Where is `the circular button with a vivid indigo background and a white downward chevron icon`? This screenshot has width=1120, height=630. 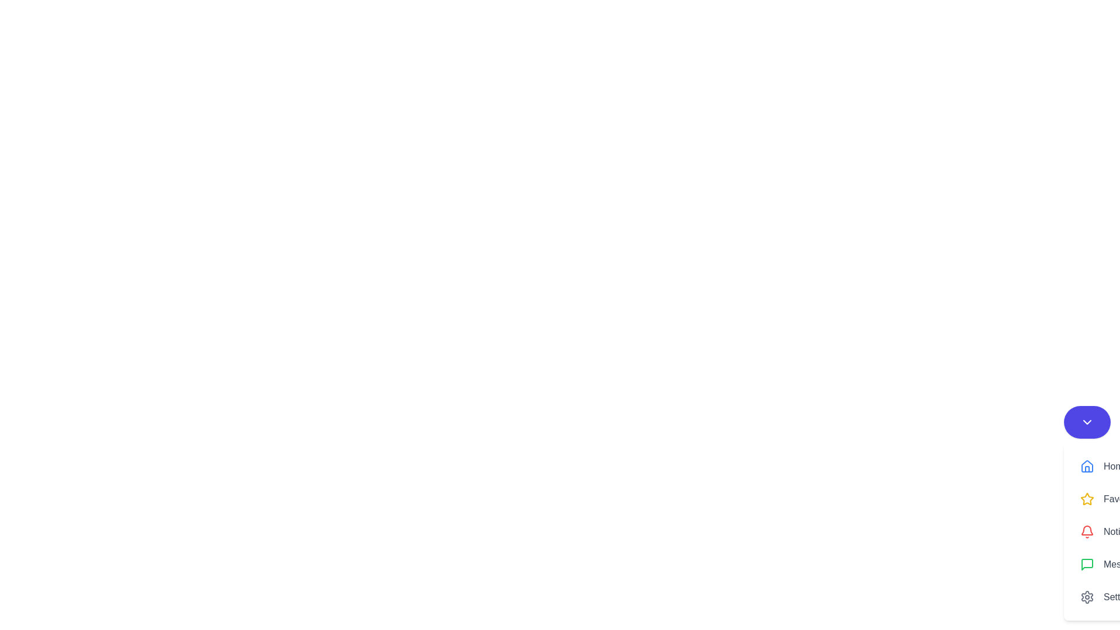
the circular button with a vivid indigo background and a white downward chevron icon is located at coordinates (1086, 422).